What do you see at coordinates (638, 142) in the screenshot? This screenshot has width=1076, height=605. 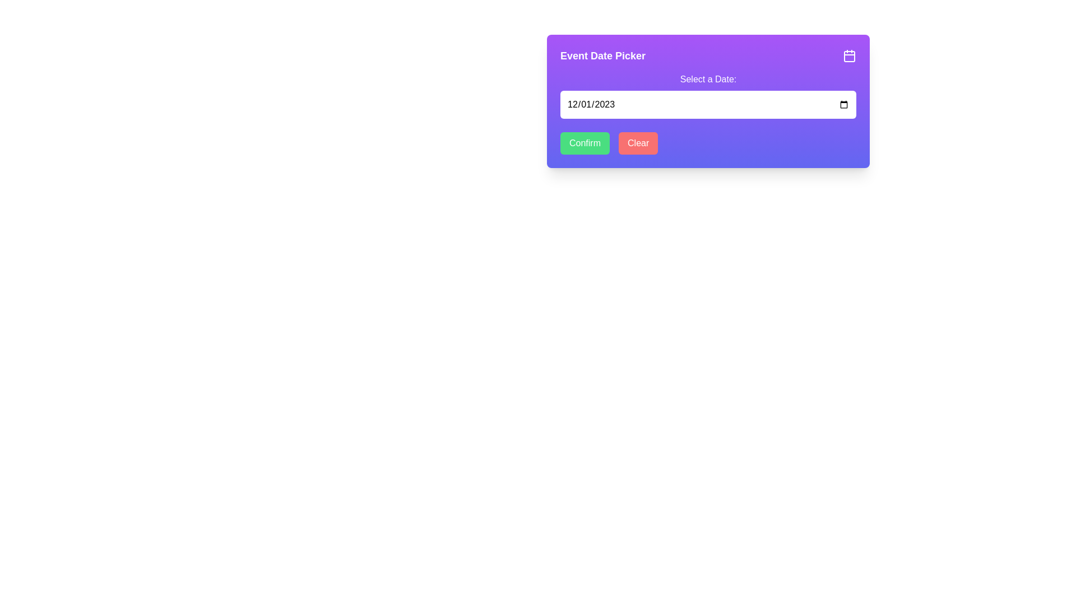 I see `the clear button located at the rightmost position in the horizontal group of buttons below the event date picker input field` at bounding box center [638, 142].